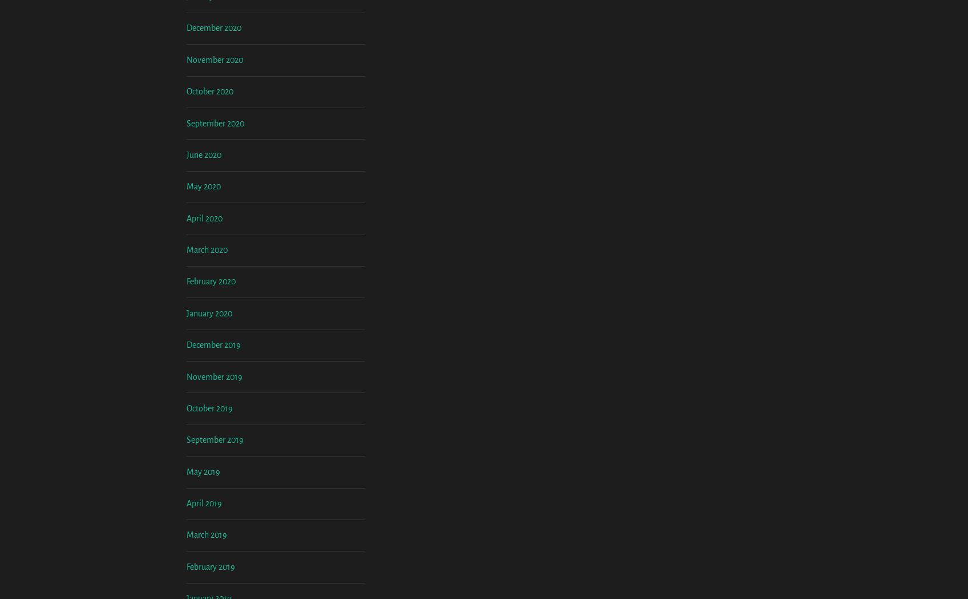 The width and height of the screenshot is (968, 599). Describe the element at coordinates (211, 376) in the screenshot. I see `'February 2020'` at that location.